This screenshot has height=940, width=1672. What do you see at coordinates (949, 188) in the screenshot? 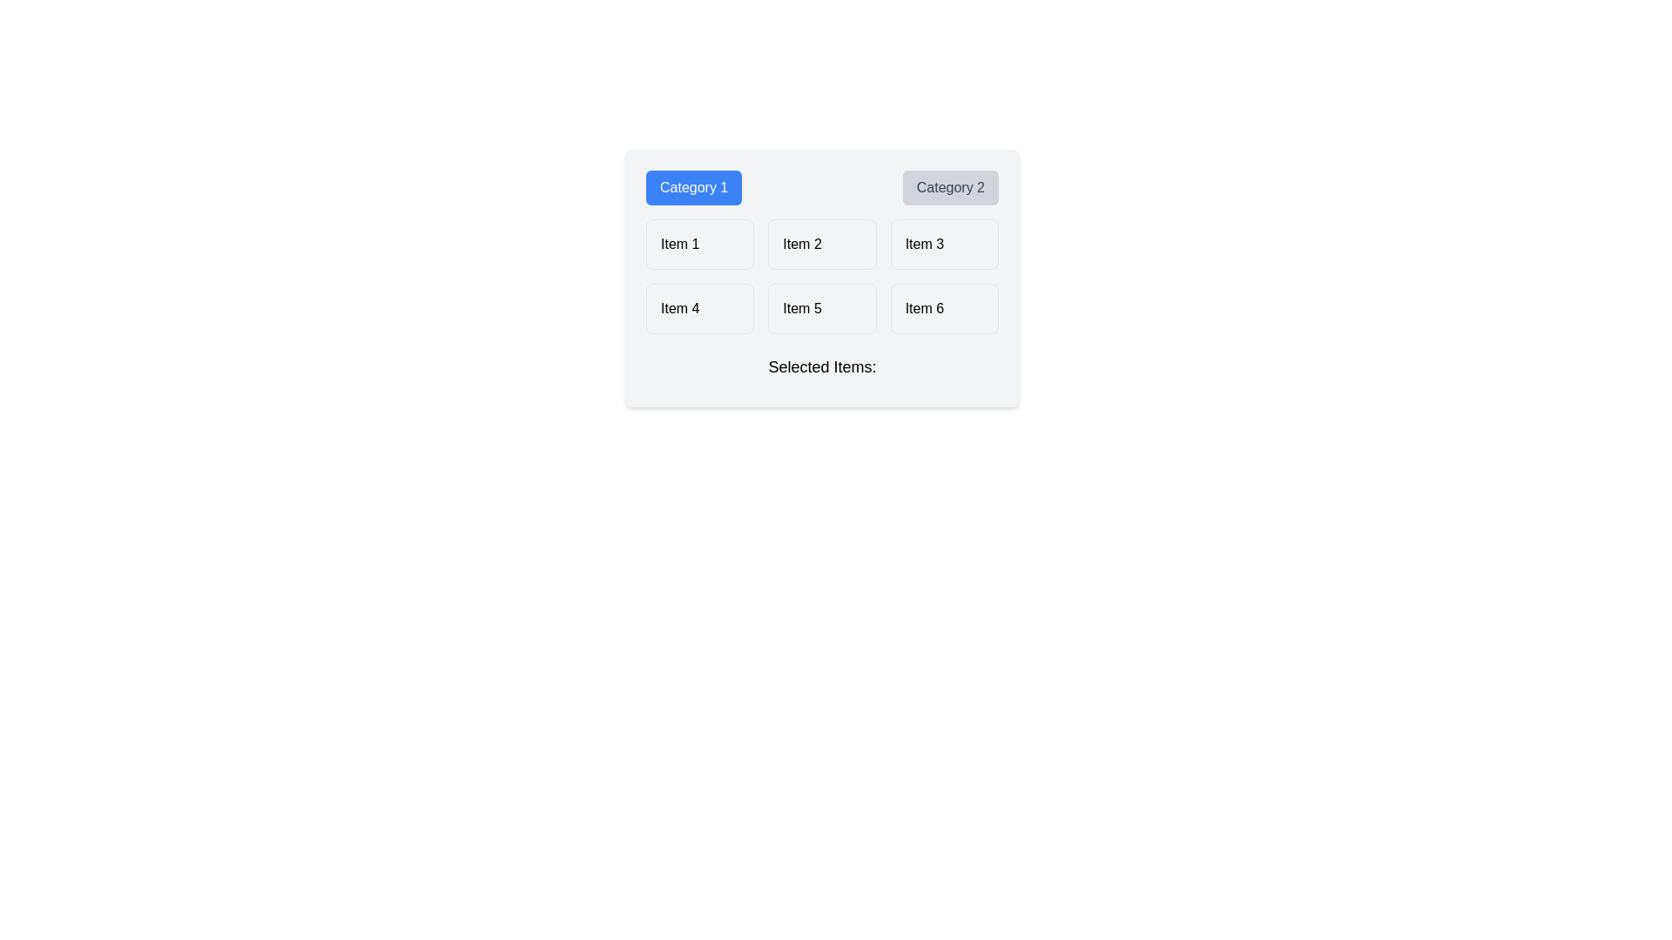
I see `the second category selector button which filters or displays items associated with 'Category 2' to potentially reveal additional context` at bounding box center [949, 188].